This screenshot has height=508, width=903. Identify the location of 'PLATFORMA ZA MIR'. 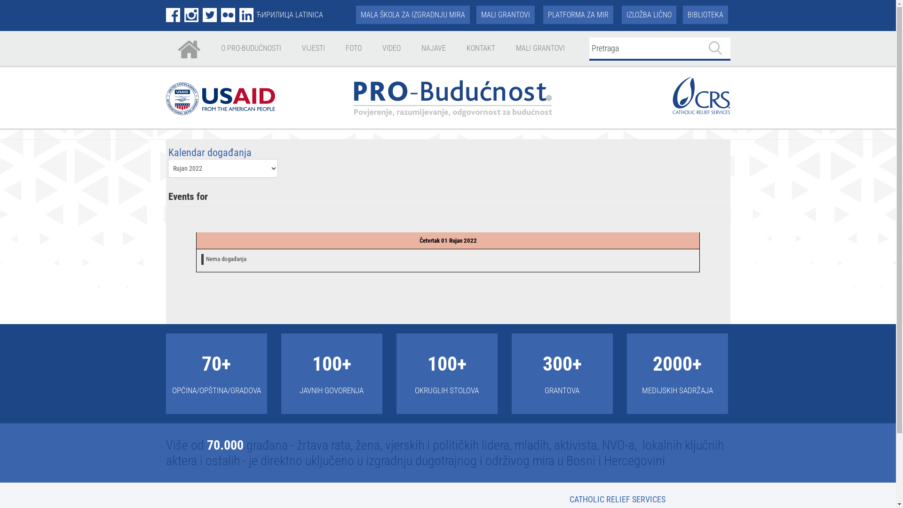
(577, 15).